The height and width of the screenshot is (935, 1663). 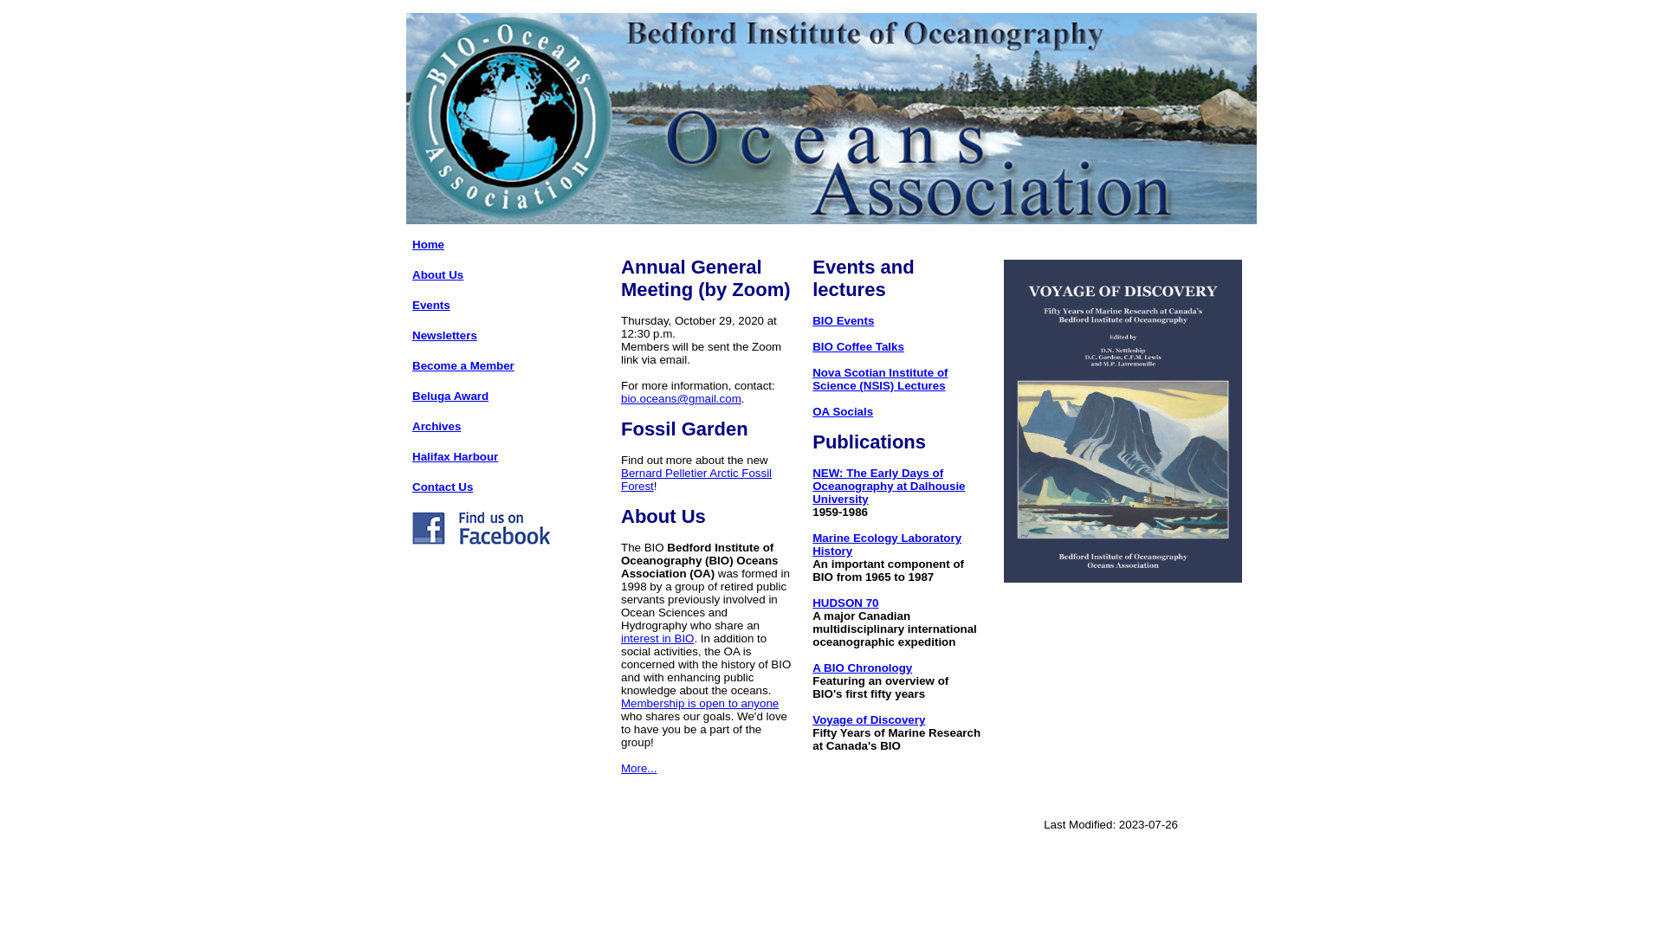 I want to click on 'Home', so click(x=428, y=244).